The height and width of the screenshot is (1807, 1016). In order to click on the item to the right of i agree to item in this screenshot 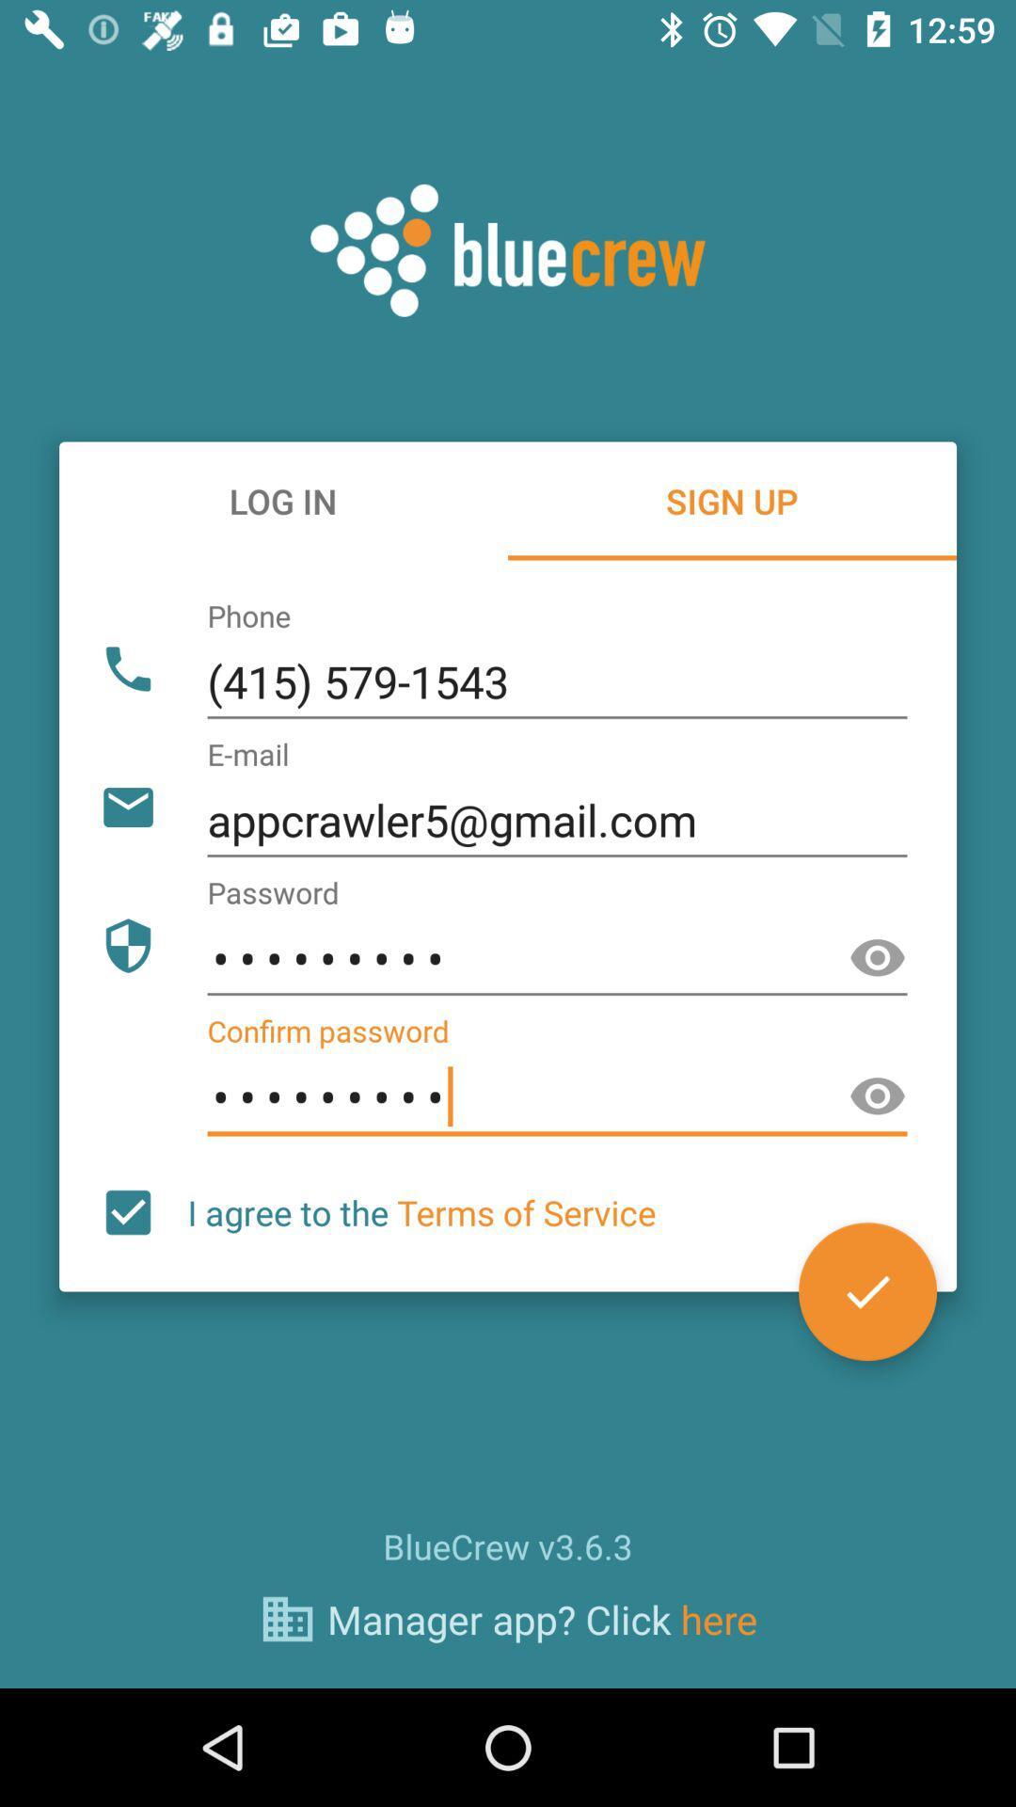, I will do `click(867, 1290)`.